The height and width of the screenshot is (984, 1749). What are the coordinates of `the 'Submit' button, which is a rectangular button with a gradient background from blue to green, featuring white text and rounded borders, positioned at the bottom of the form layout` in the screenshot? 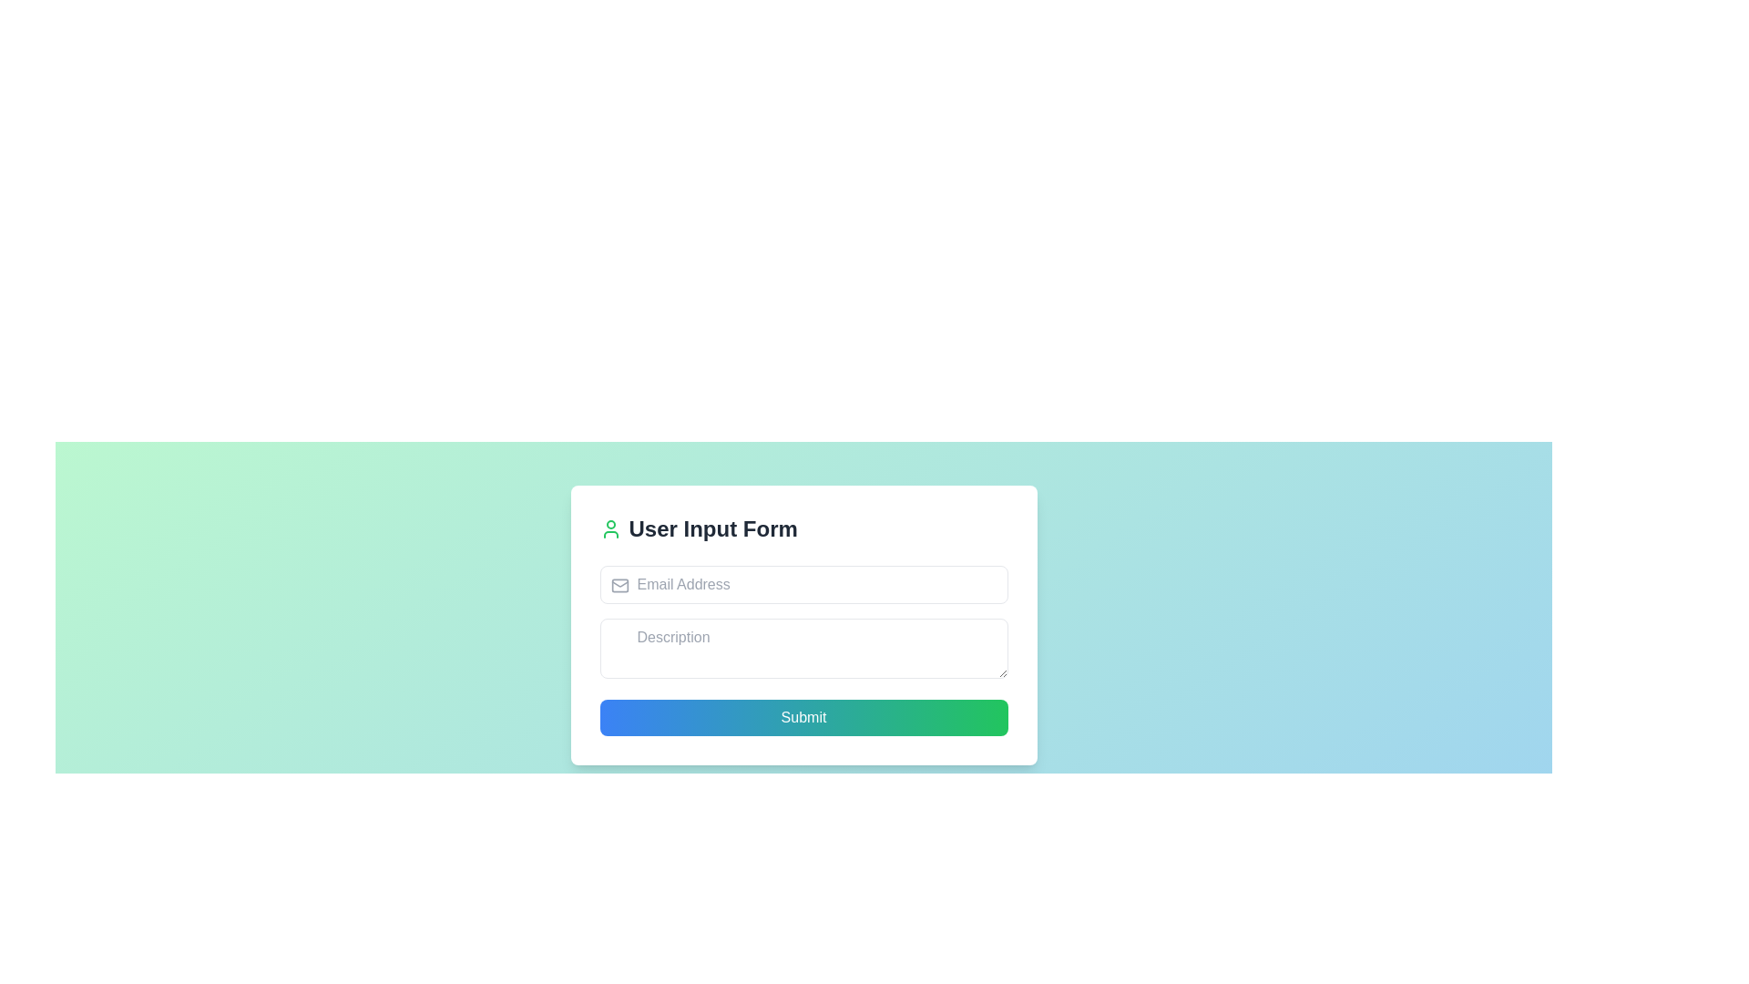 It's located at (803, 716).